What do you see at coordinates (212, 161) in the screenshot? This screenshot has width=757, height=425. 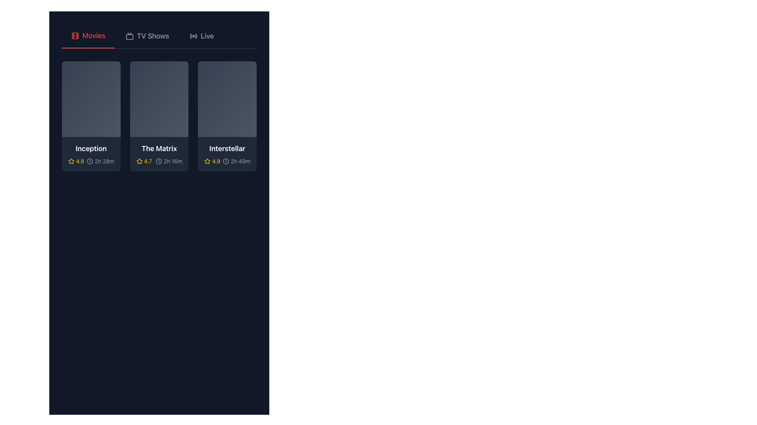 I see `viewer rating score text label for the movie 'Interstellar', which is located below the movie title and adjacent to a yellow star icon` at bounding box center [212, 161].